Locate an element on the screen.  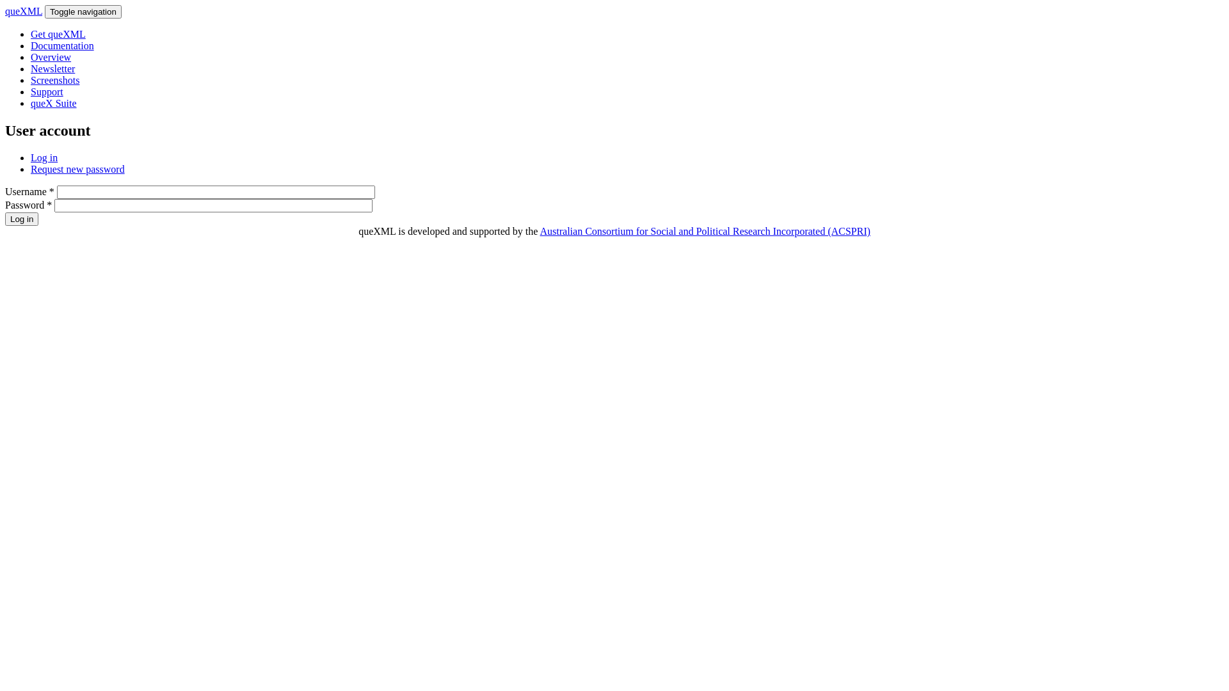
'queXML' is located at coordinates (24, 11).